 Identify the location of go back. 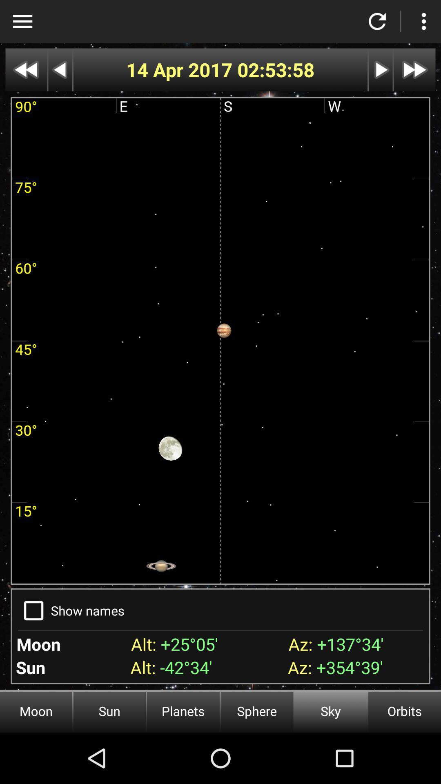
(26, 70).